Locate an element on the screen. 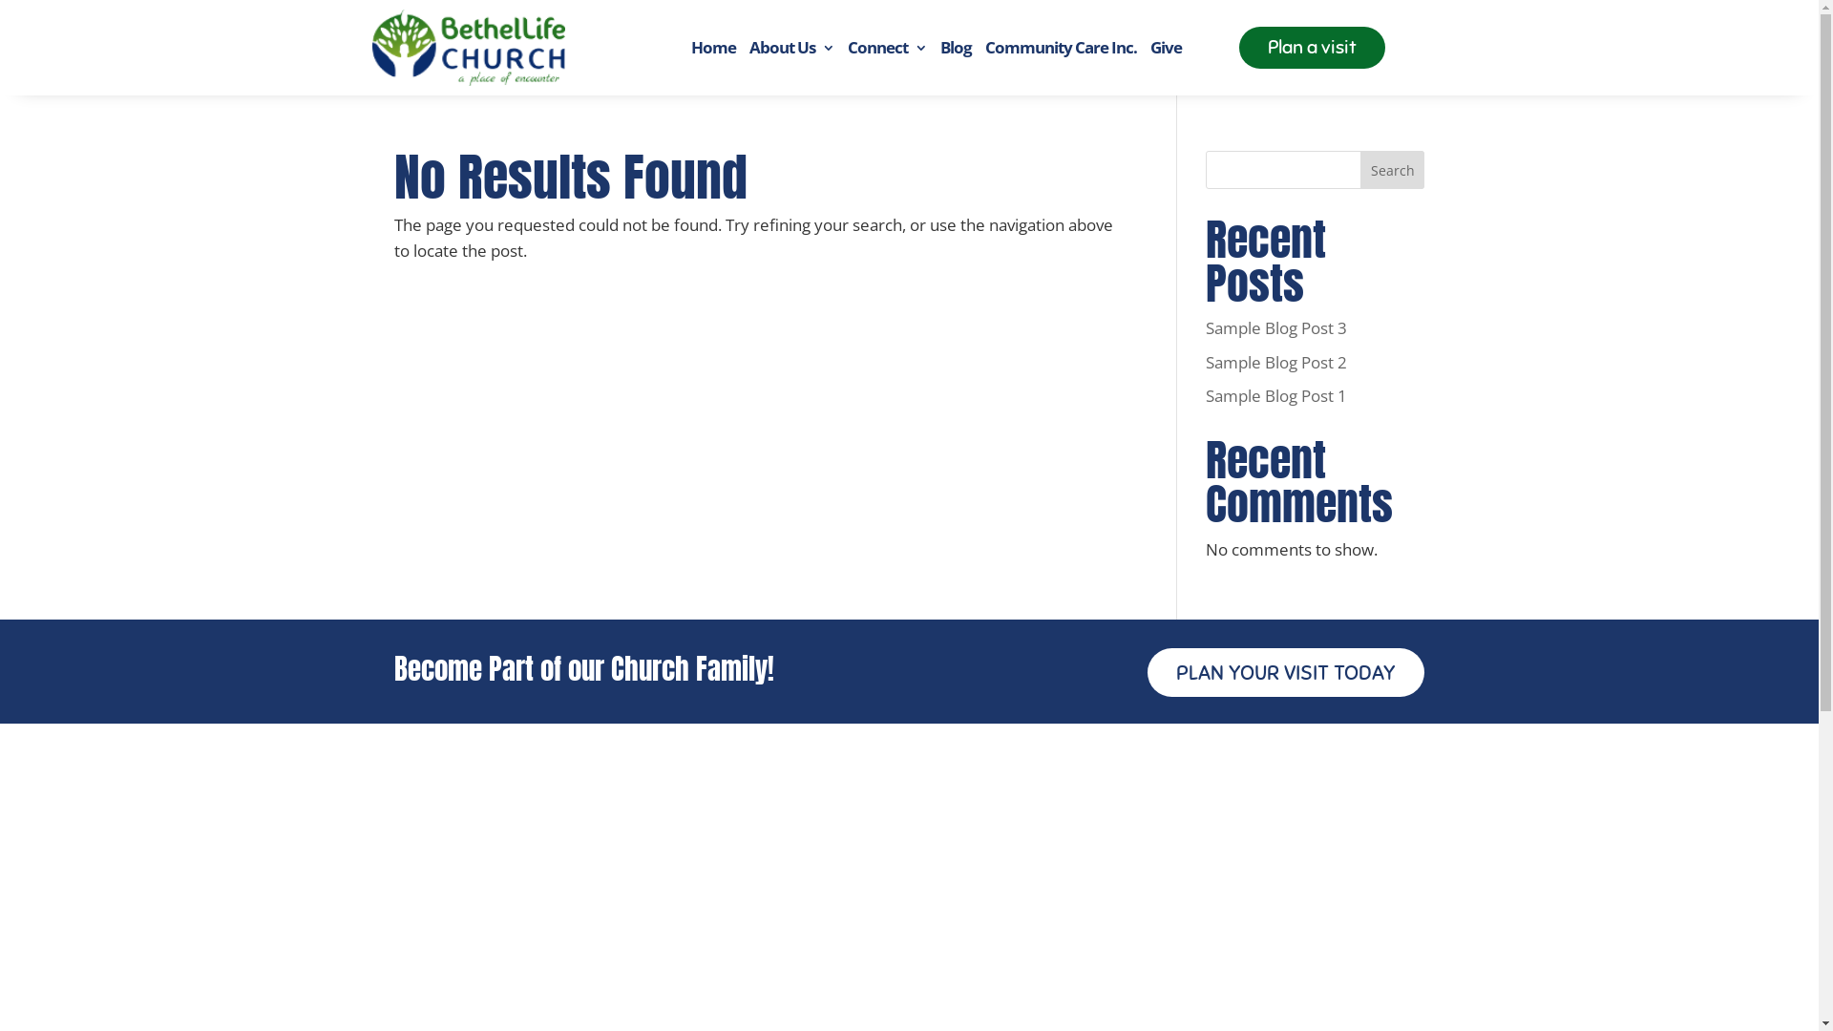 This screenshot has height=1031, width=1833. 'Community Care Inc.' is located at coordinates (1060, 47).